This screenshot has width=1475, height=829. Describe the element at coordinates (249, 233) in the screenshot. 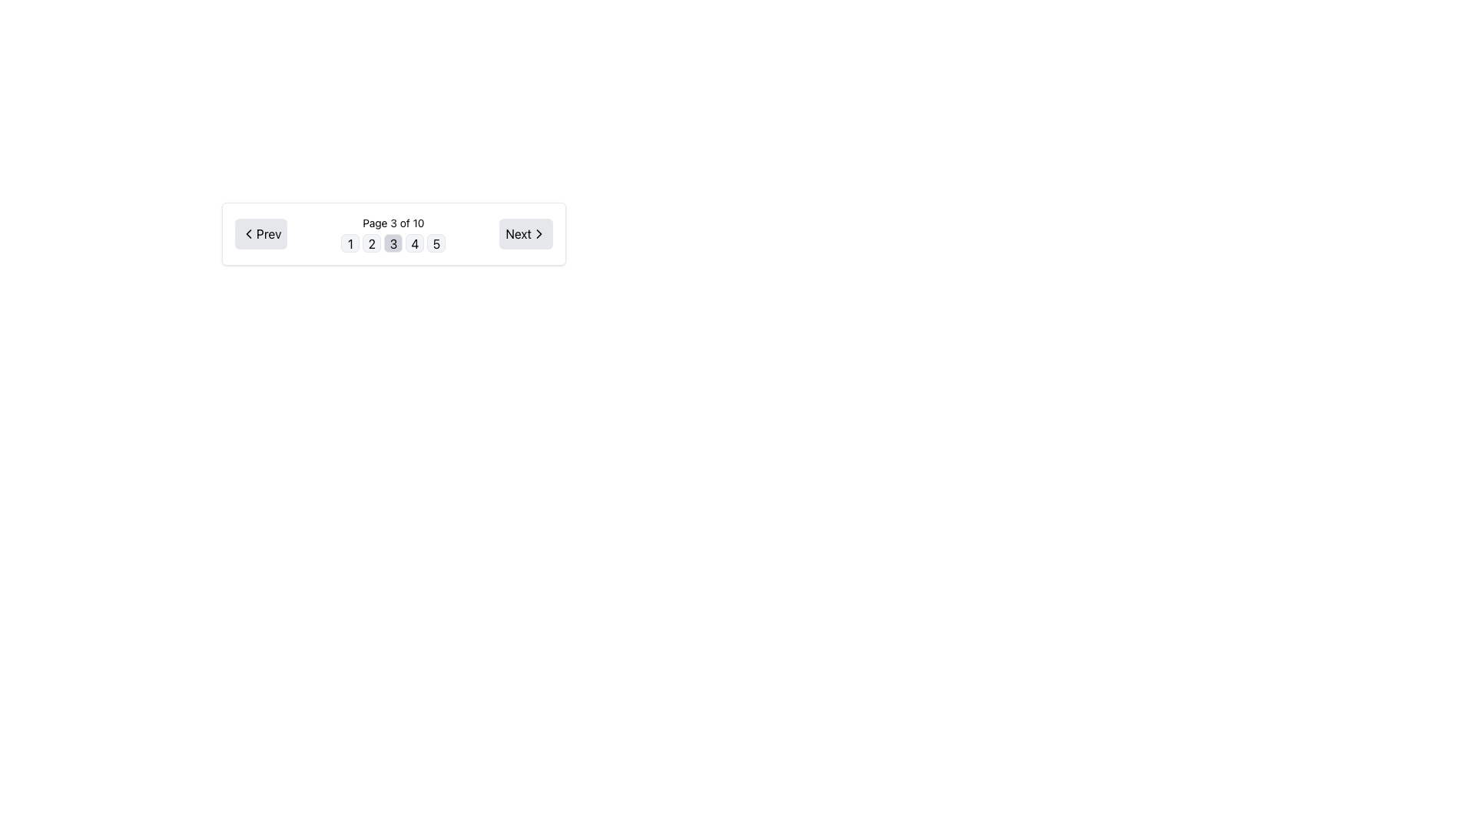

I see `the backward navigation icon located in the left section of the 'Prev' button, which is part of the pagination control` at that location.